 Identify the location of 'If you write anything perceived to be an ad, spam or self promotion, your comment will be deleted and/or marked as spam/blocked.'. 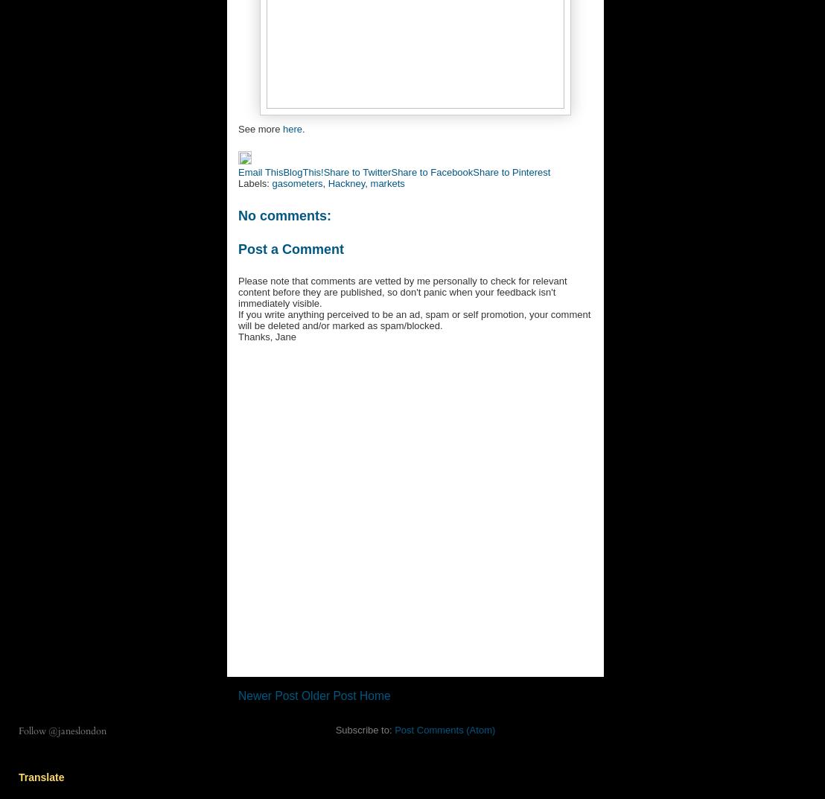
(414, 319).